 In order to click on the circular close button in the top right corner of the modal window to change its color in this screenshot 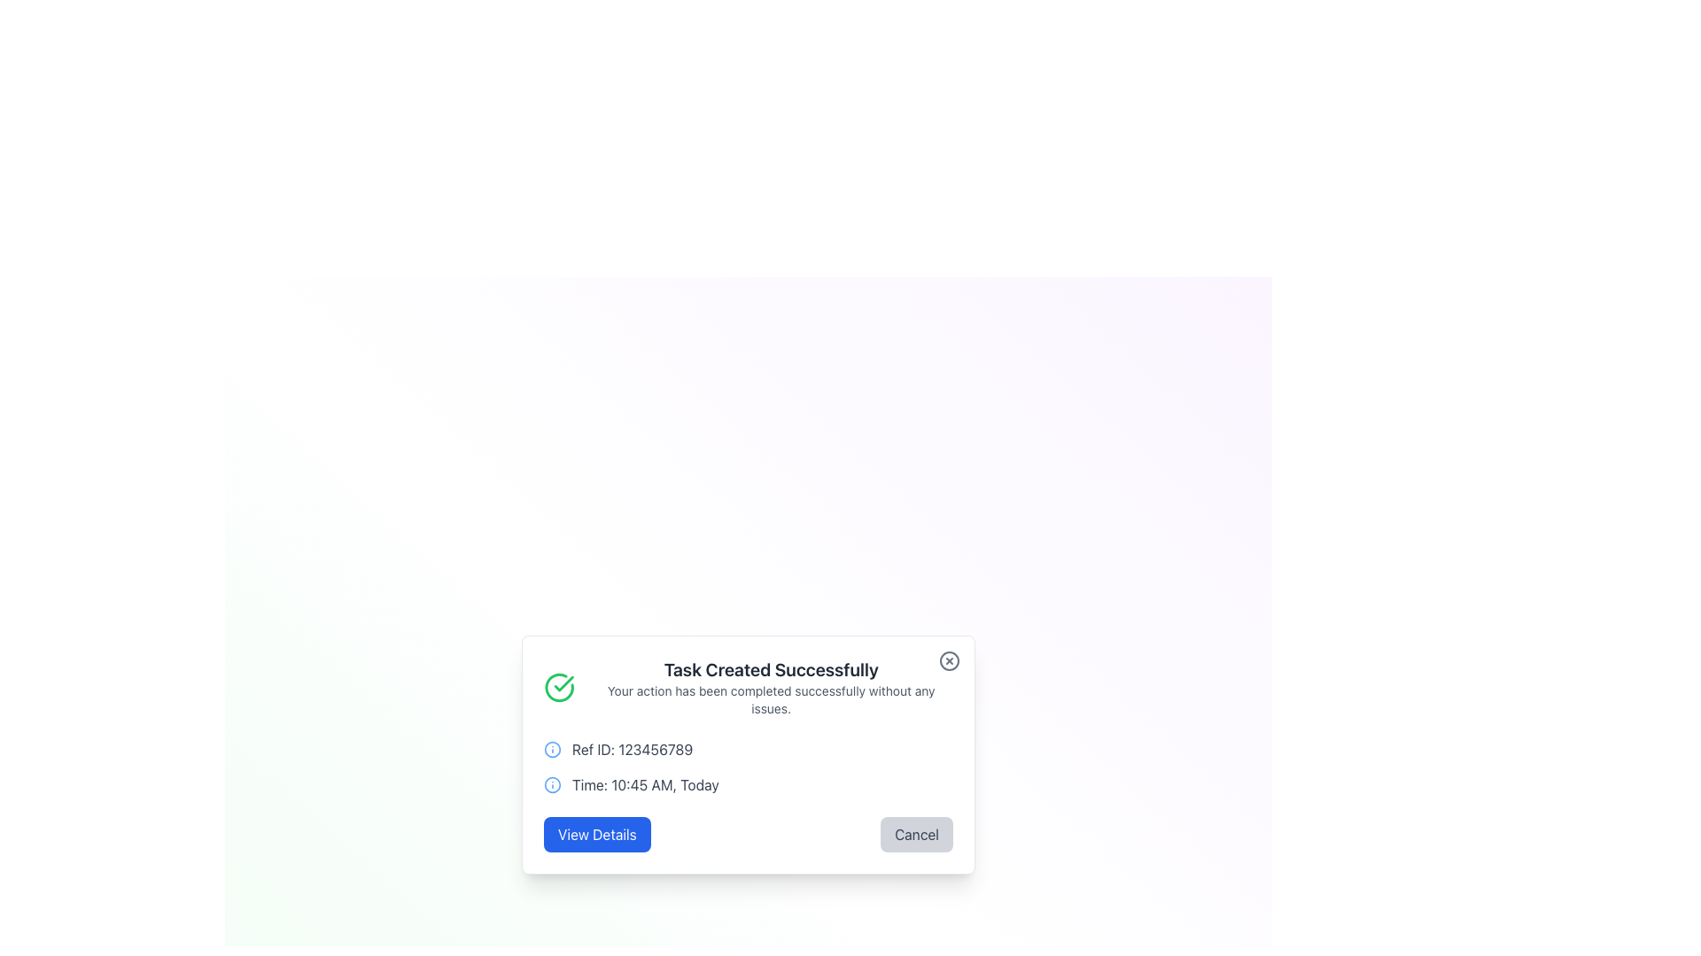, I will do `click(948, 661)`.